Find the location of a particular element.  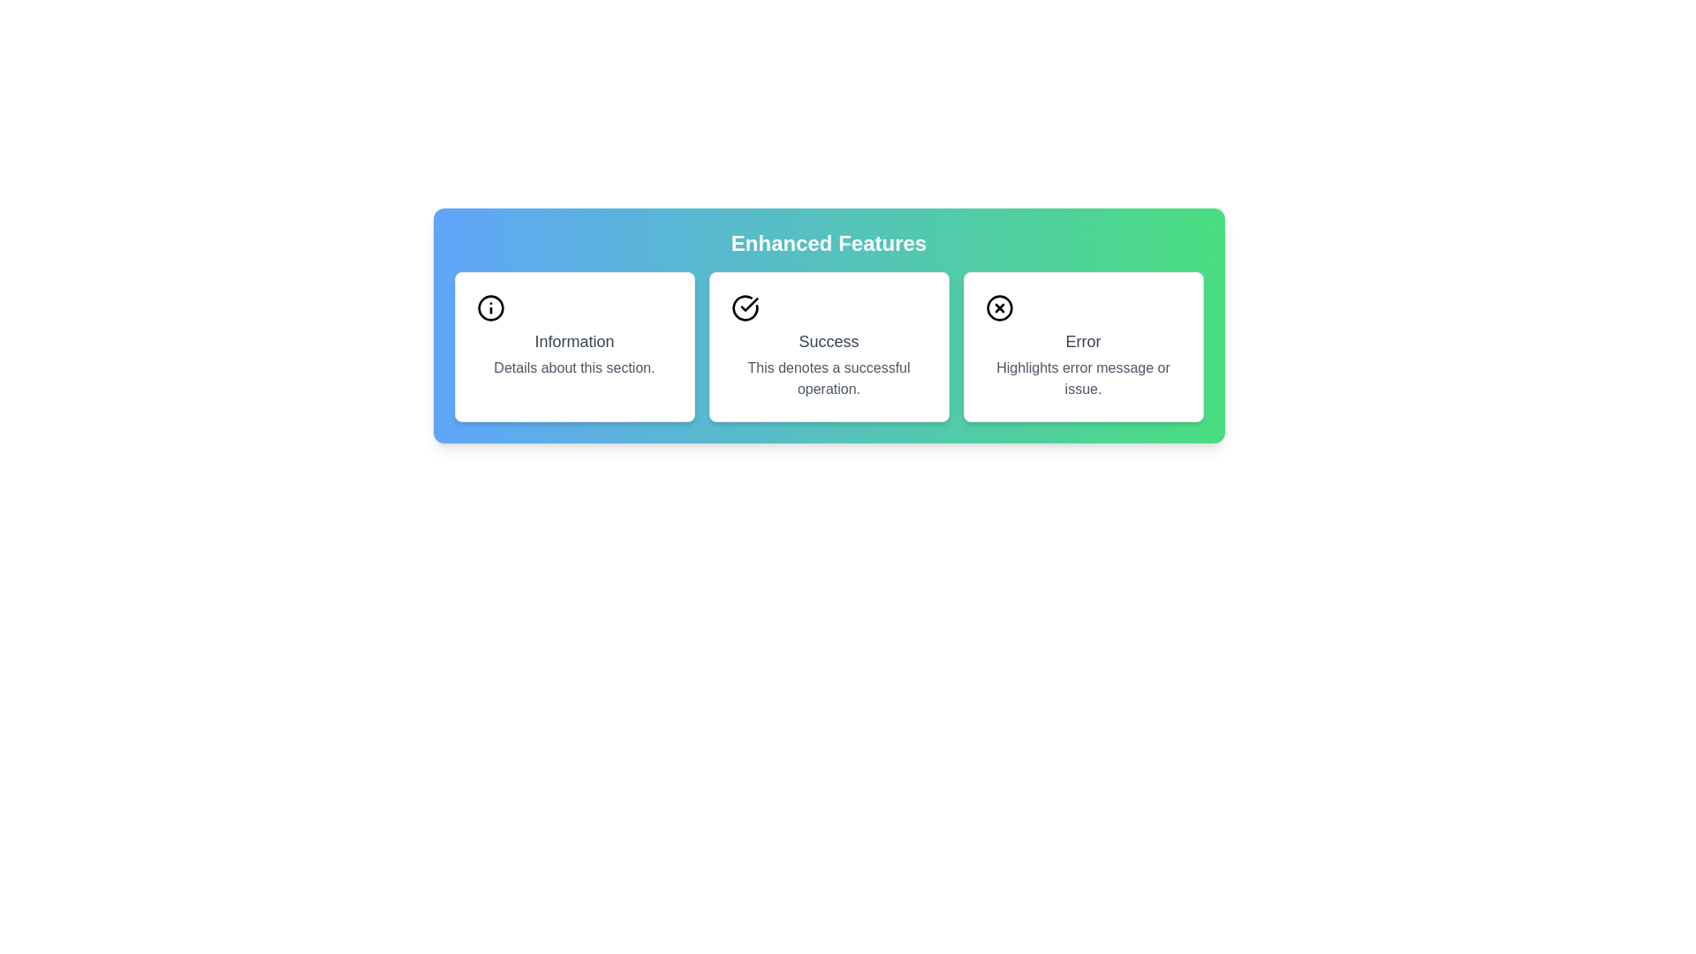

the text label that displays 'Information', which is styled in dark gray and located below the information icon in the top-left card is located at coordinates (574, 341).